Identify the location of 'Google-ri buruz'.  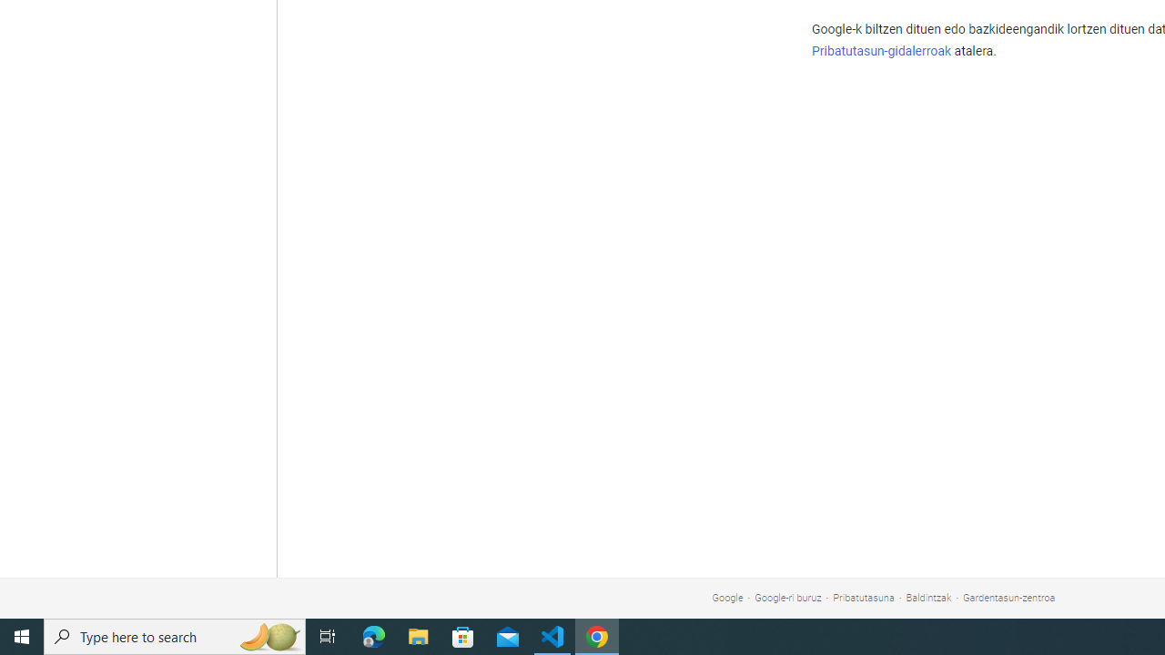
(787, 598).